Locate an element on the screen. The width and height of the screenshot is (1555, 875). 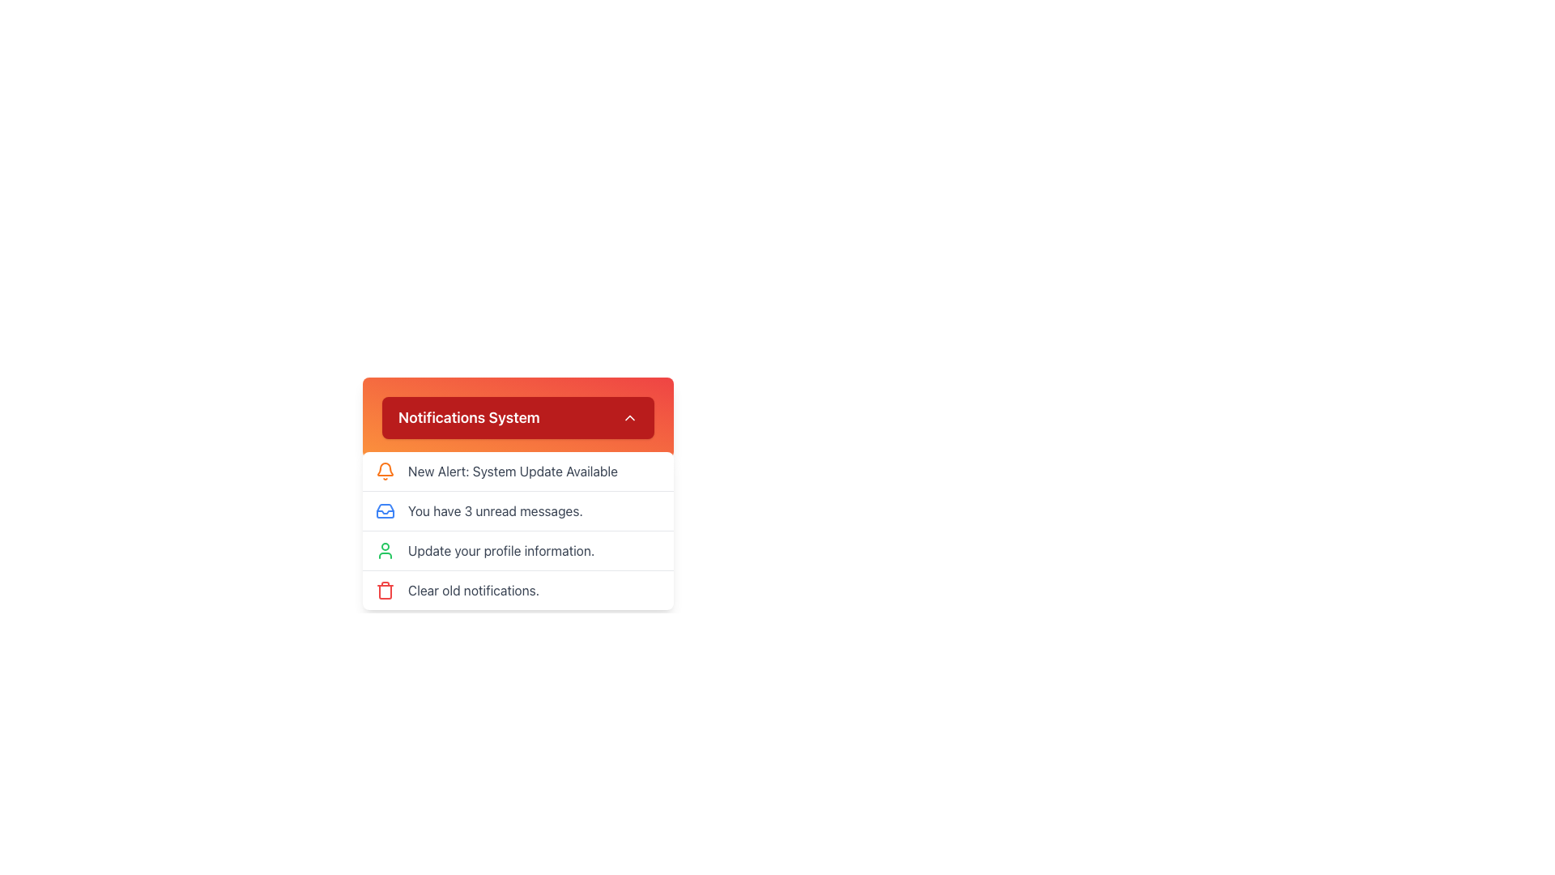
the third list item under the 'Notifications System' header is located at coordinates (517, 548).